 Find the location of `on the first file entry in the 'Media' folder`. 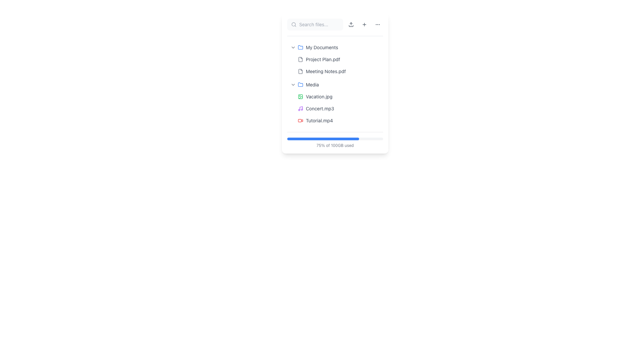

on the first file entry in the 'Media' folder is located at coordinates (339, 96).